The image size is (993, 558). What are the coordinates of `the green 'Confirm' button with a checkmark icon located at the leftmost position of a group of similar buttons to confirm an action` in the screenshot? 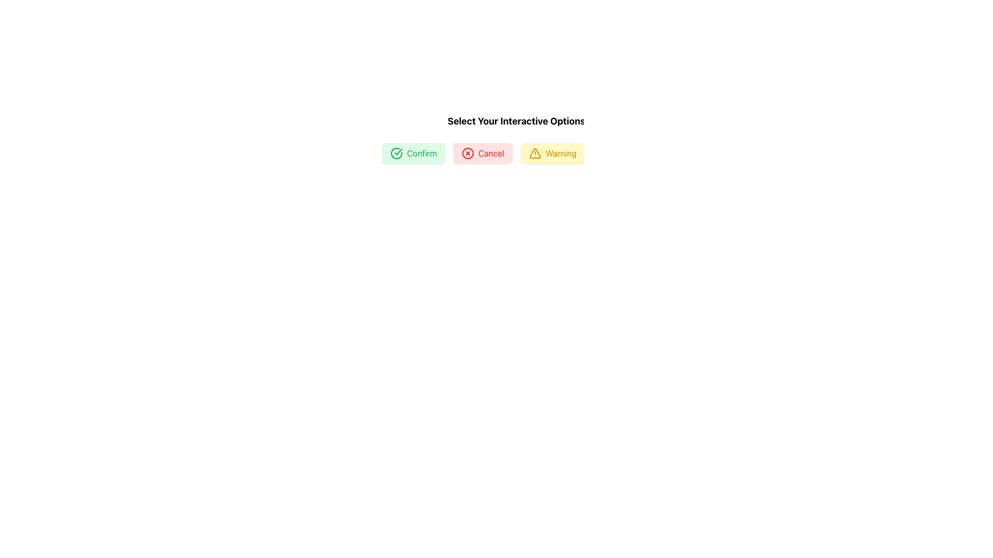 It's located at (414, 153).